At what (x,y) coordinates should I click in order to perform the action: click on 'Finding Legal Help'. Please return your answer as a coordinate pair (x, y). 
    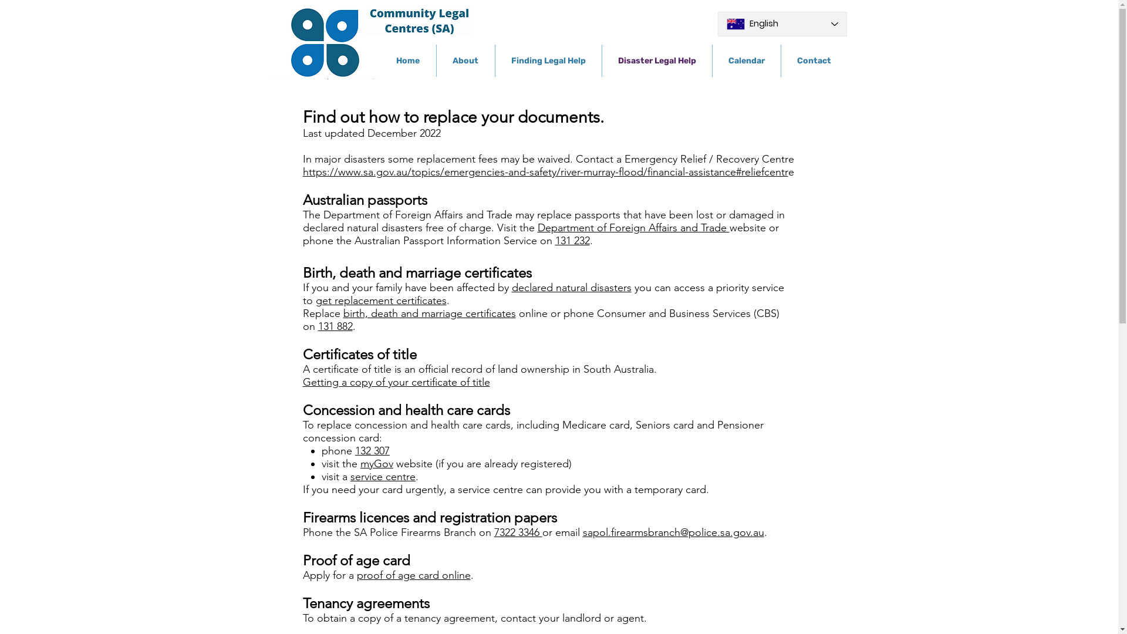
    Looking at the image, I should click on (495, 60).